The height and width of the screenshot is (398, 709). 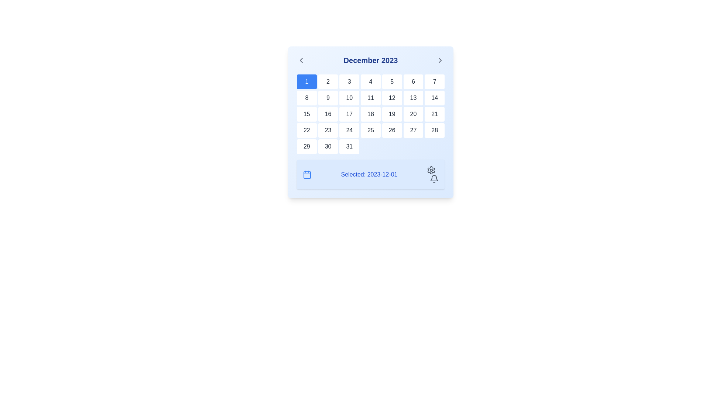 What do you see at coordinates (370, 130) in the screenshot?
I see `the calendar button` at bounding box center [370, 130].